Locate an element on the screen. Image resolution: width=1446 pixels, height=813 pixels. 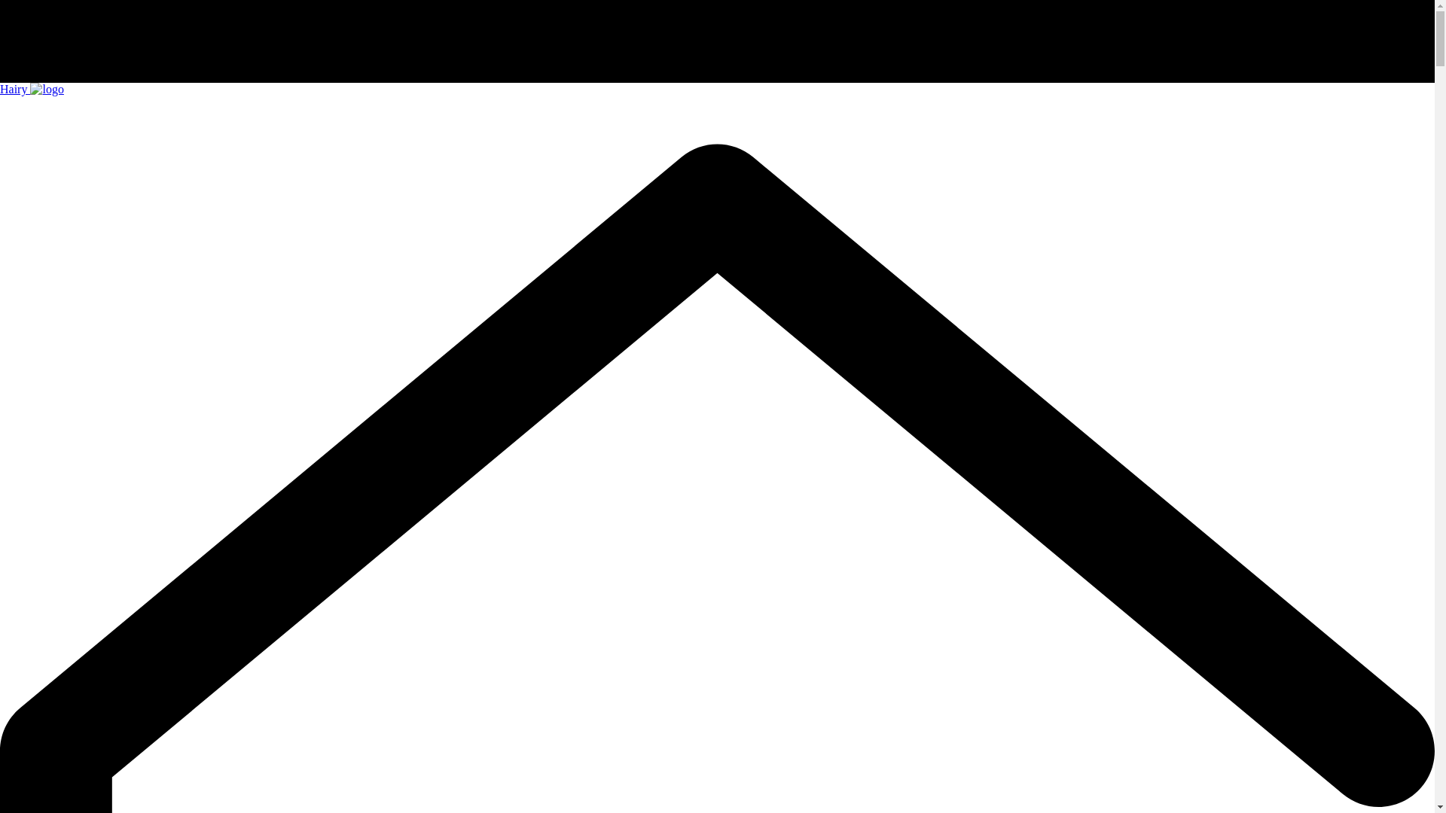
'Hairy' is located at coordinates (32, 89).